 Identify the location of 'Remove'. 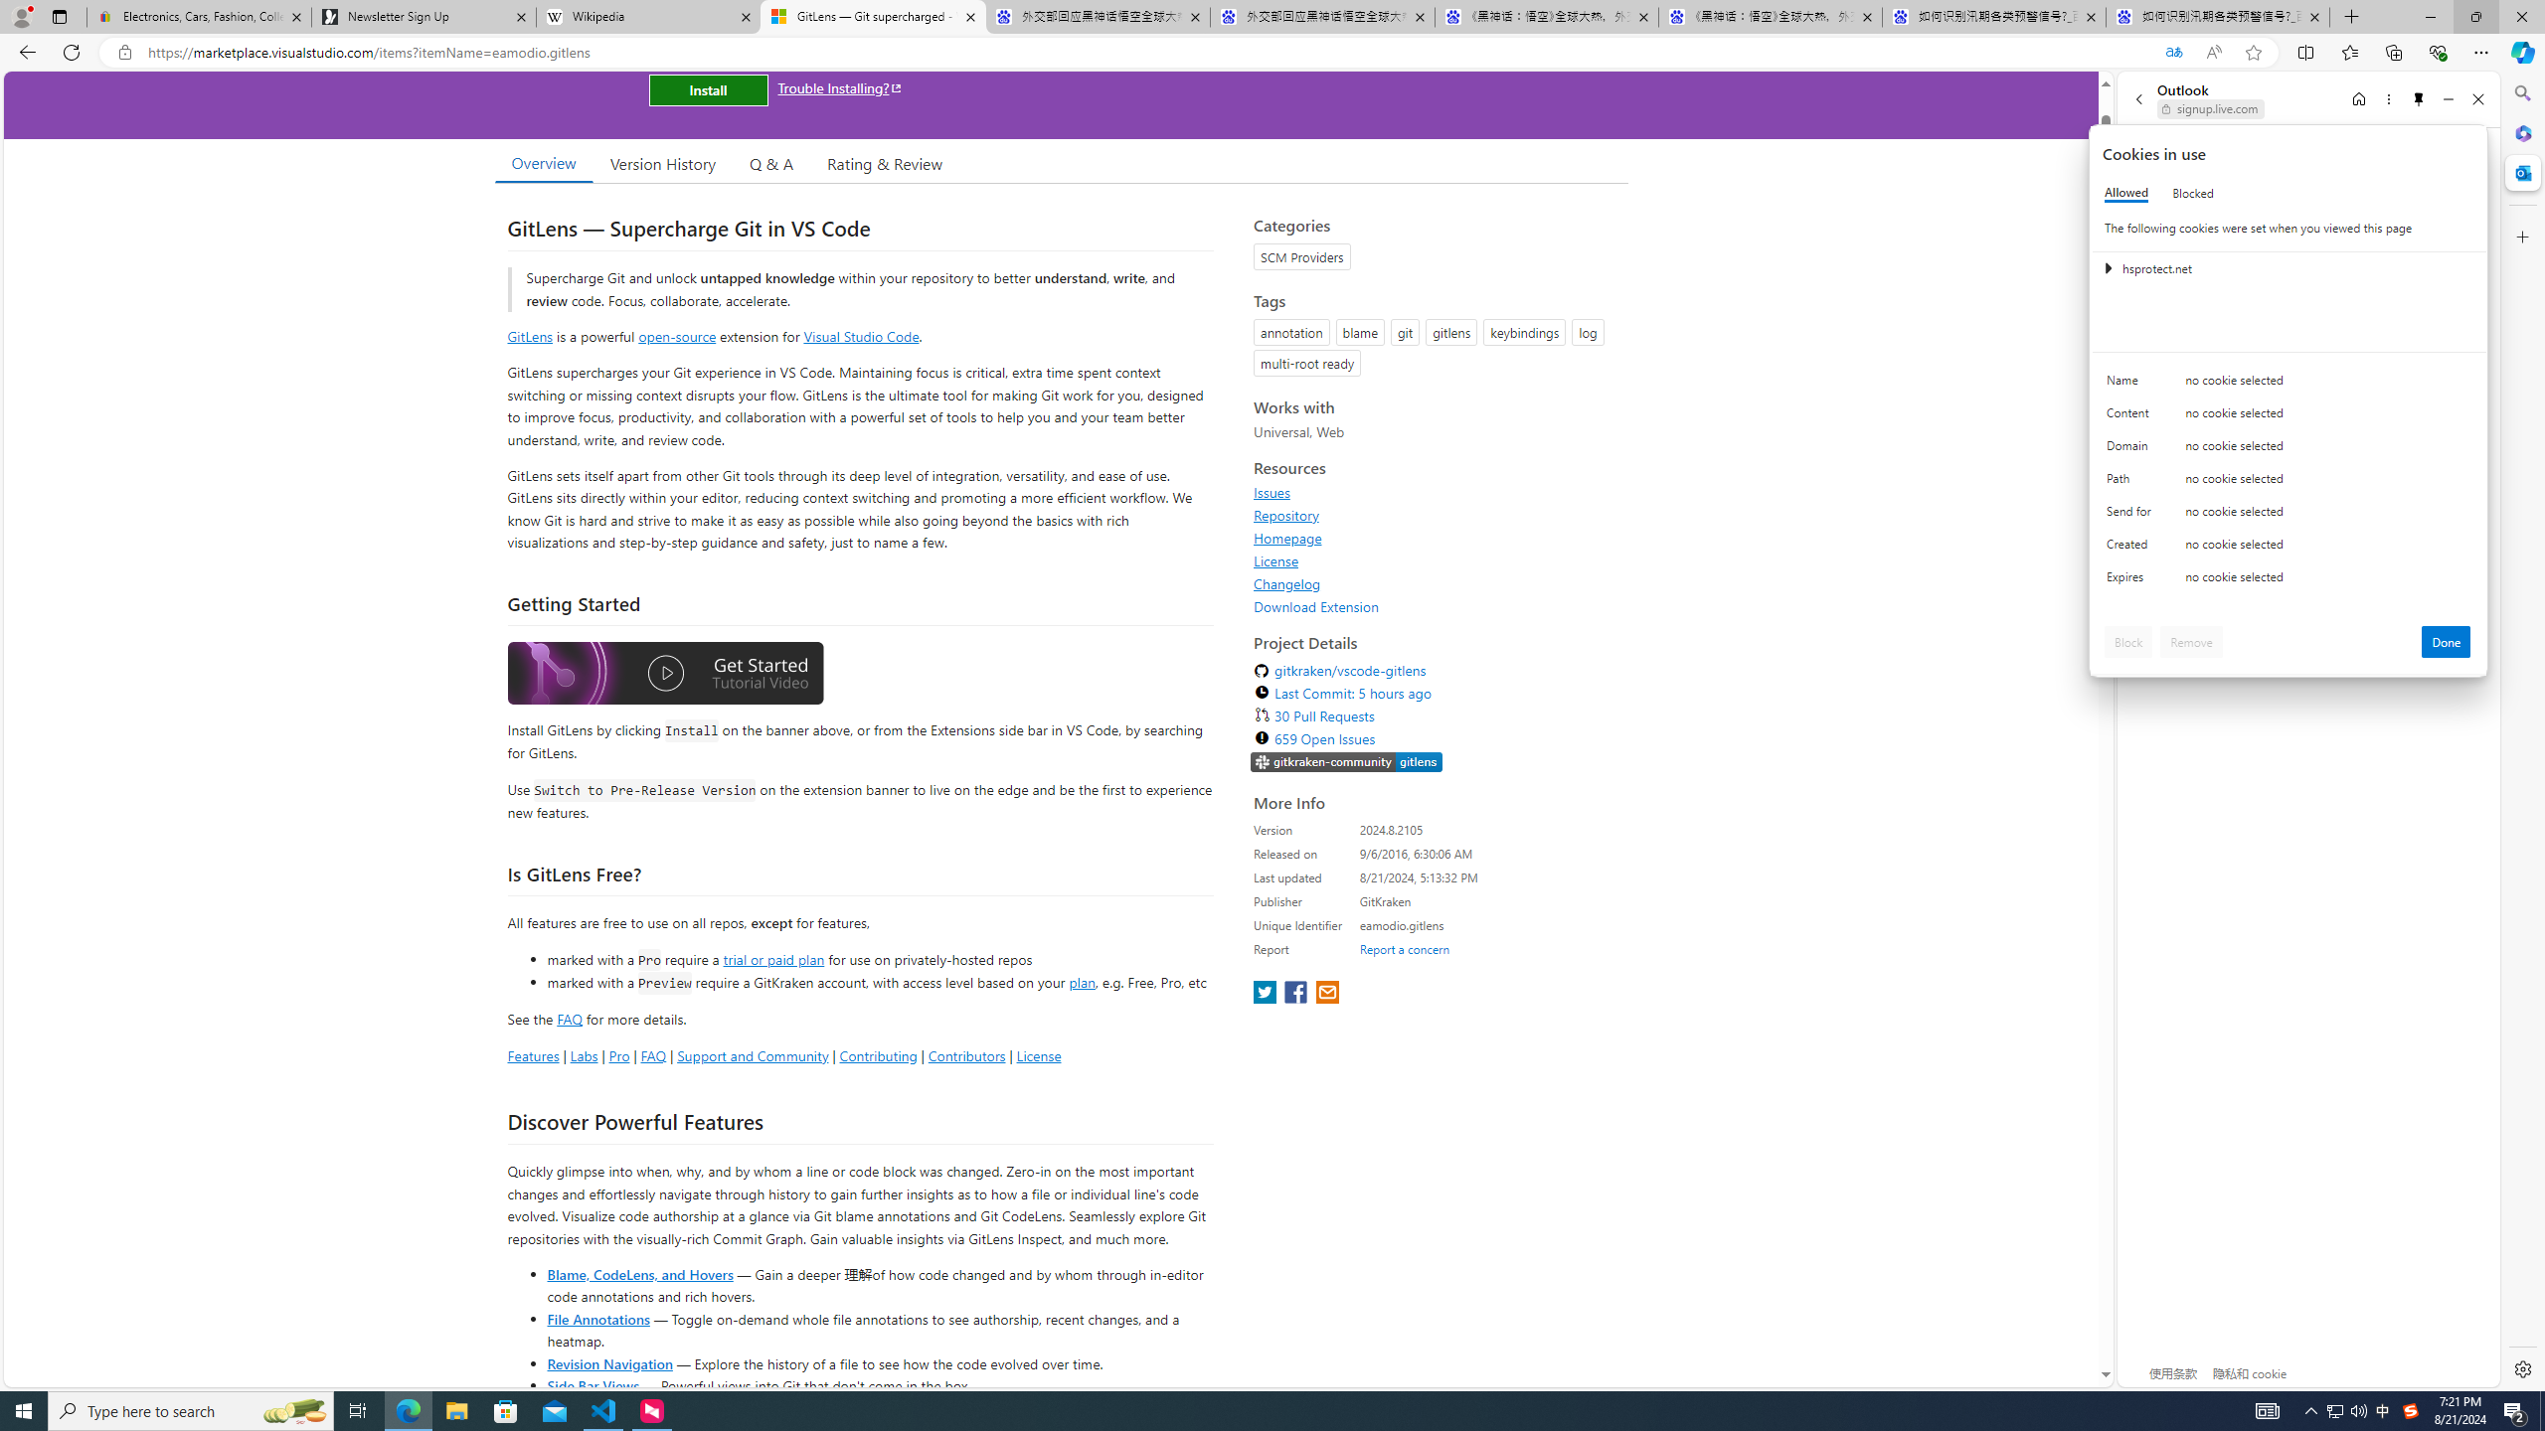
(2191, 642).